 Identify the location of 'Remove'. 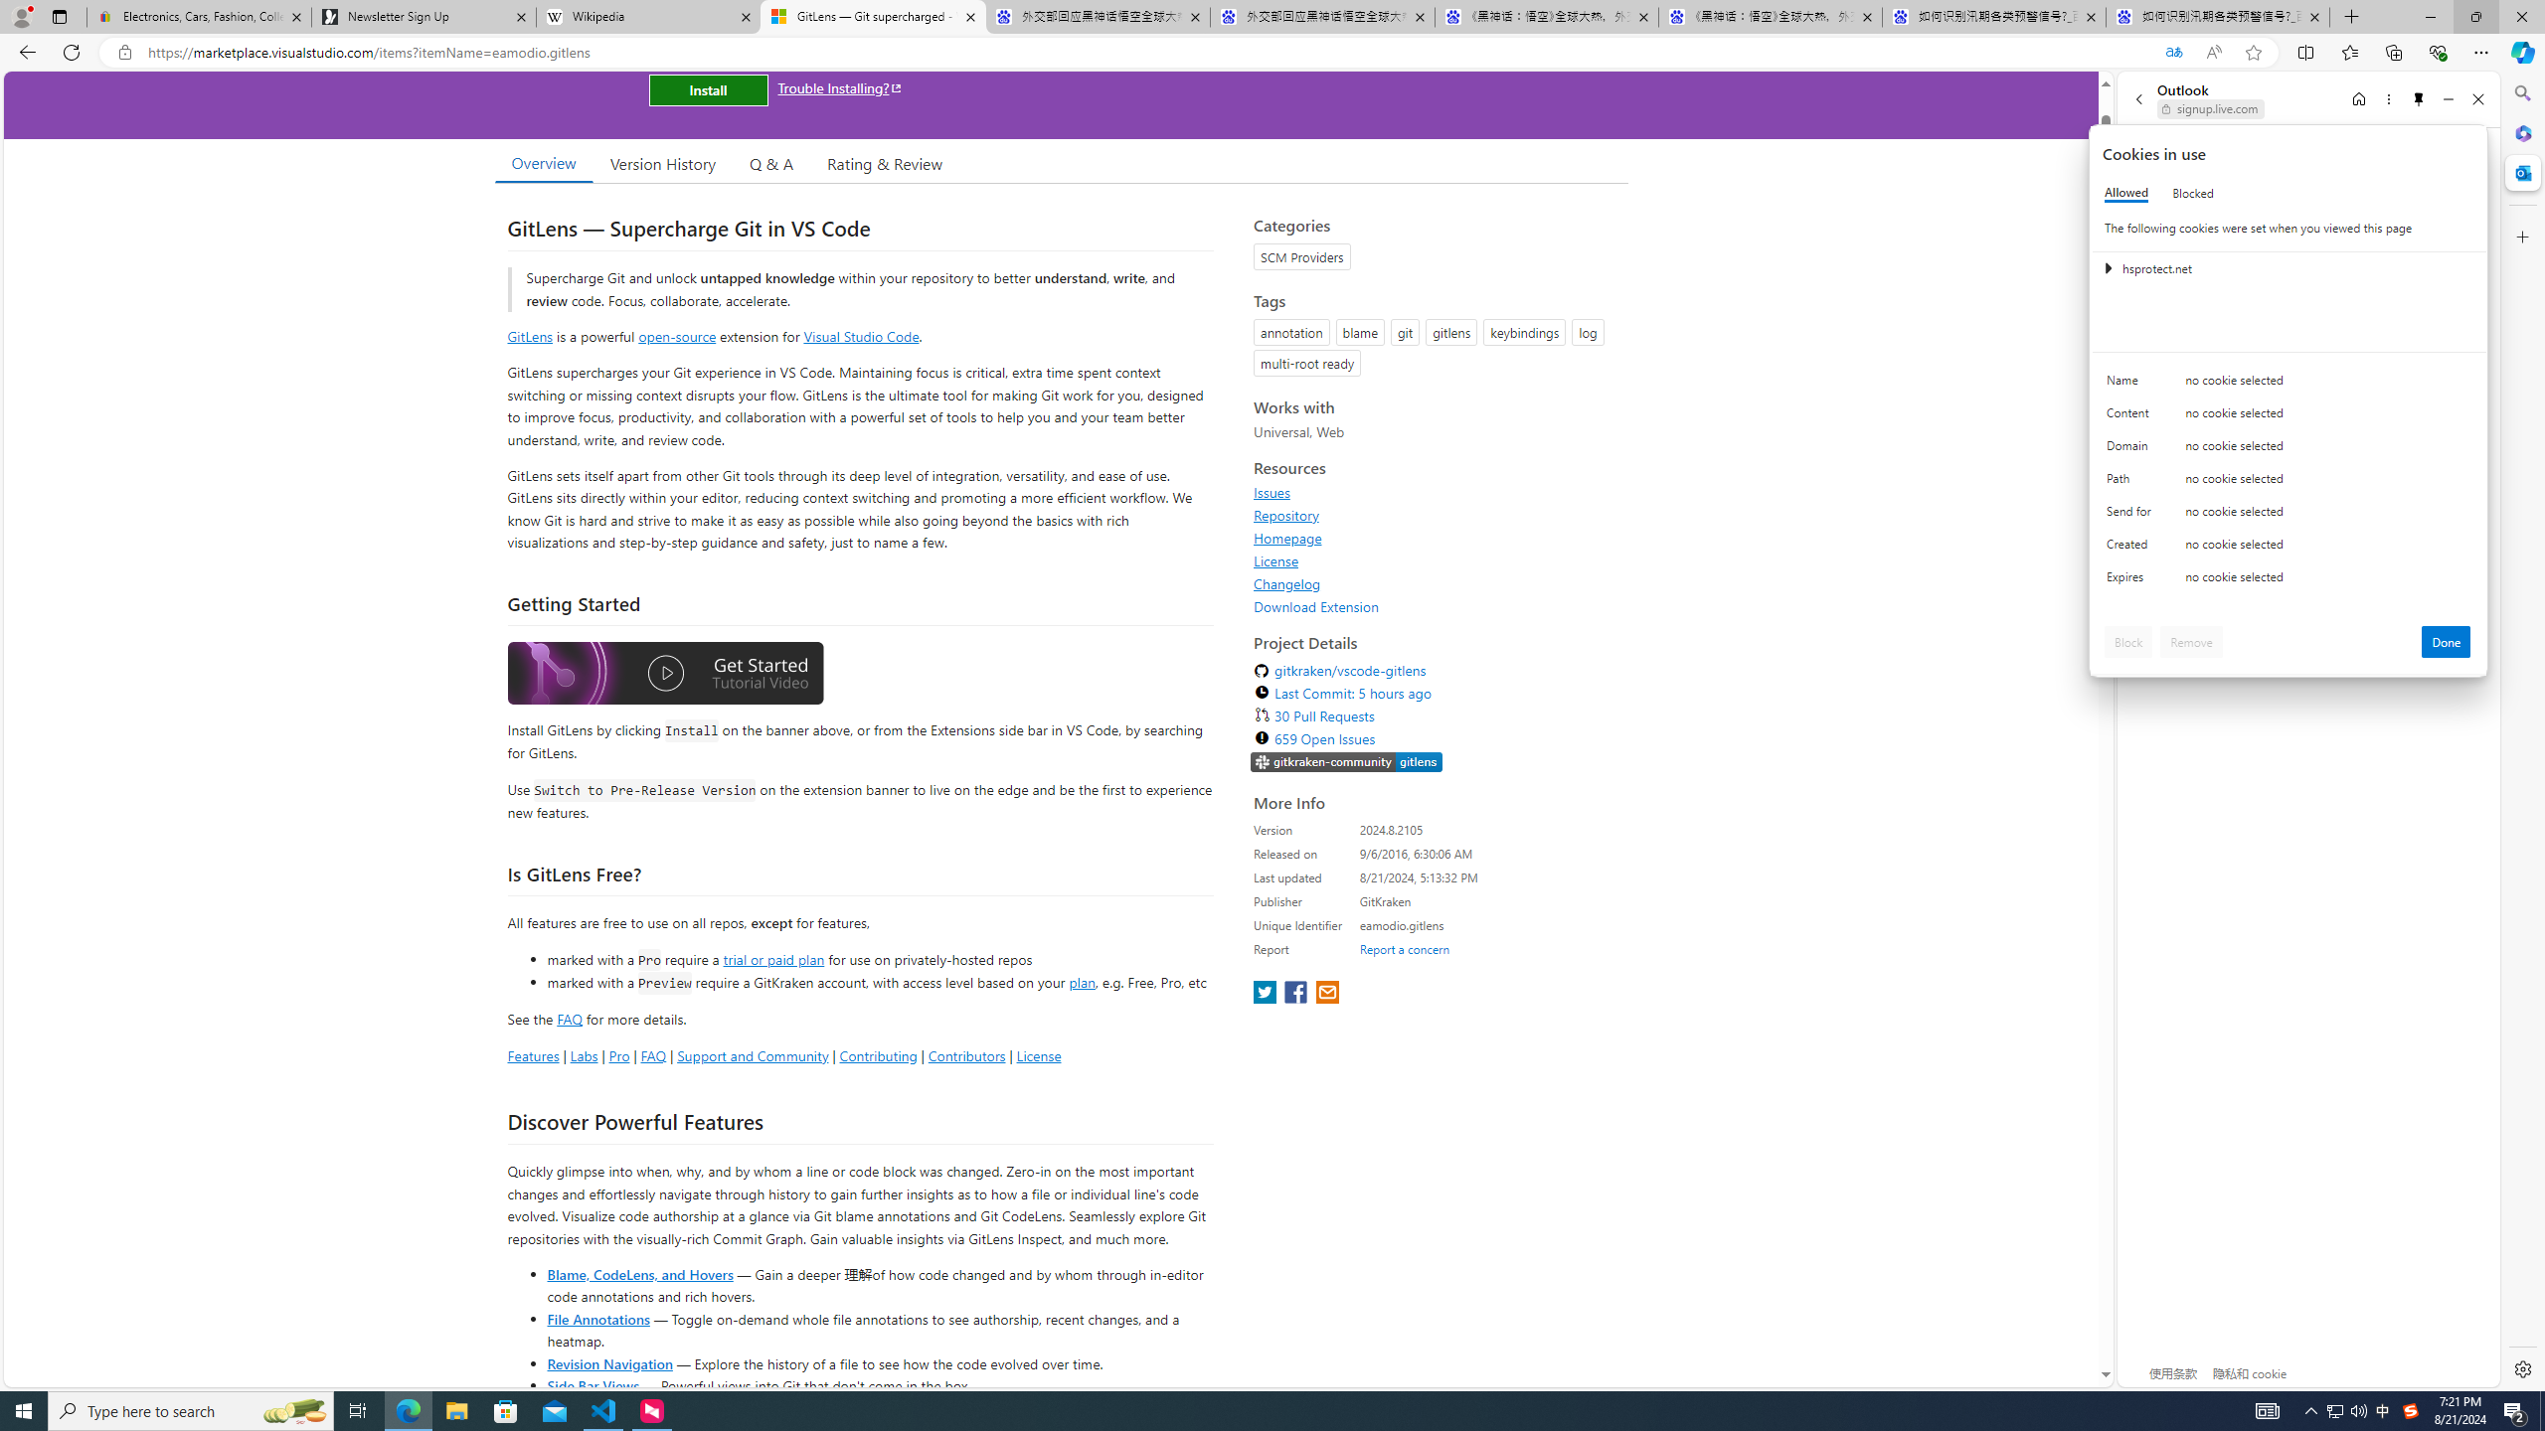
(2191, 642).